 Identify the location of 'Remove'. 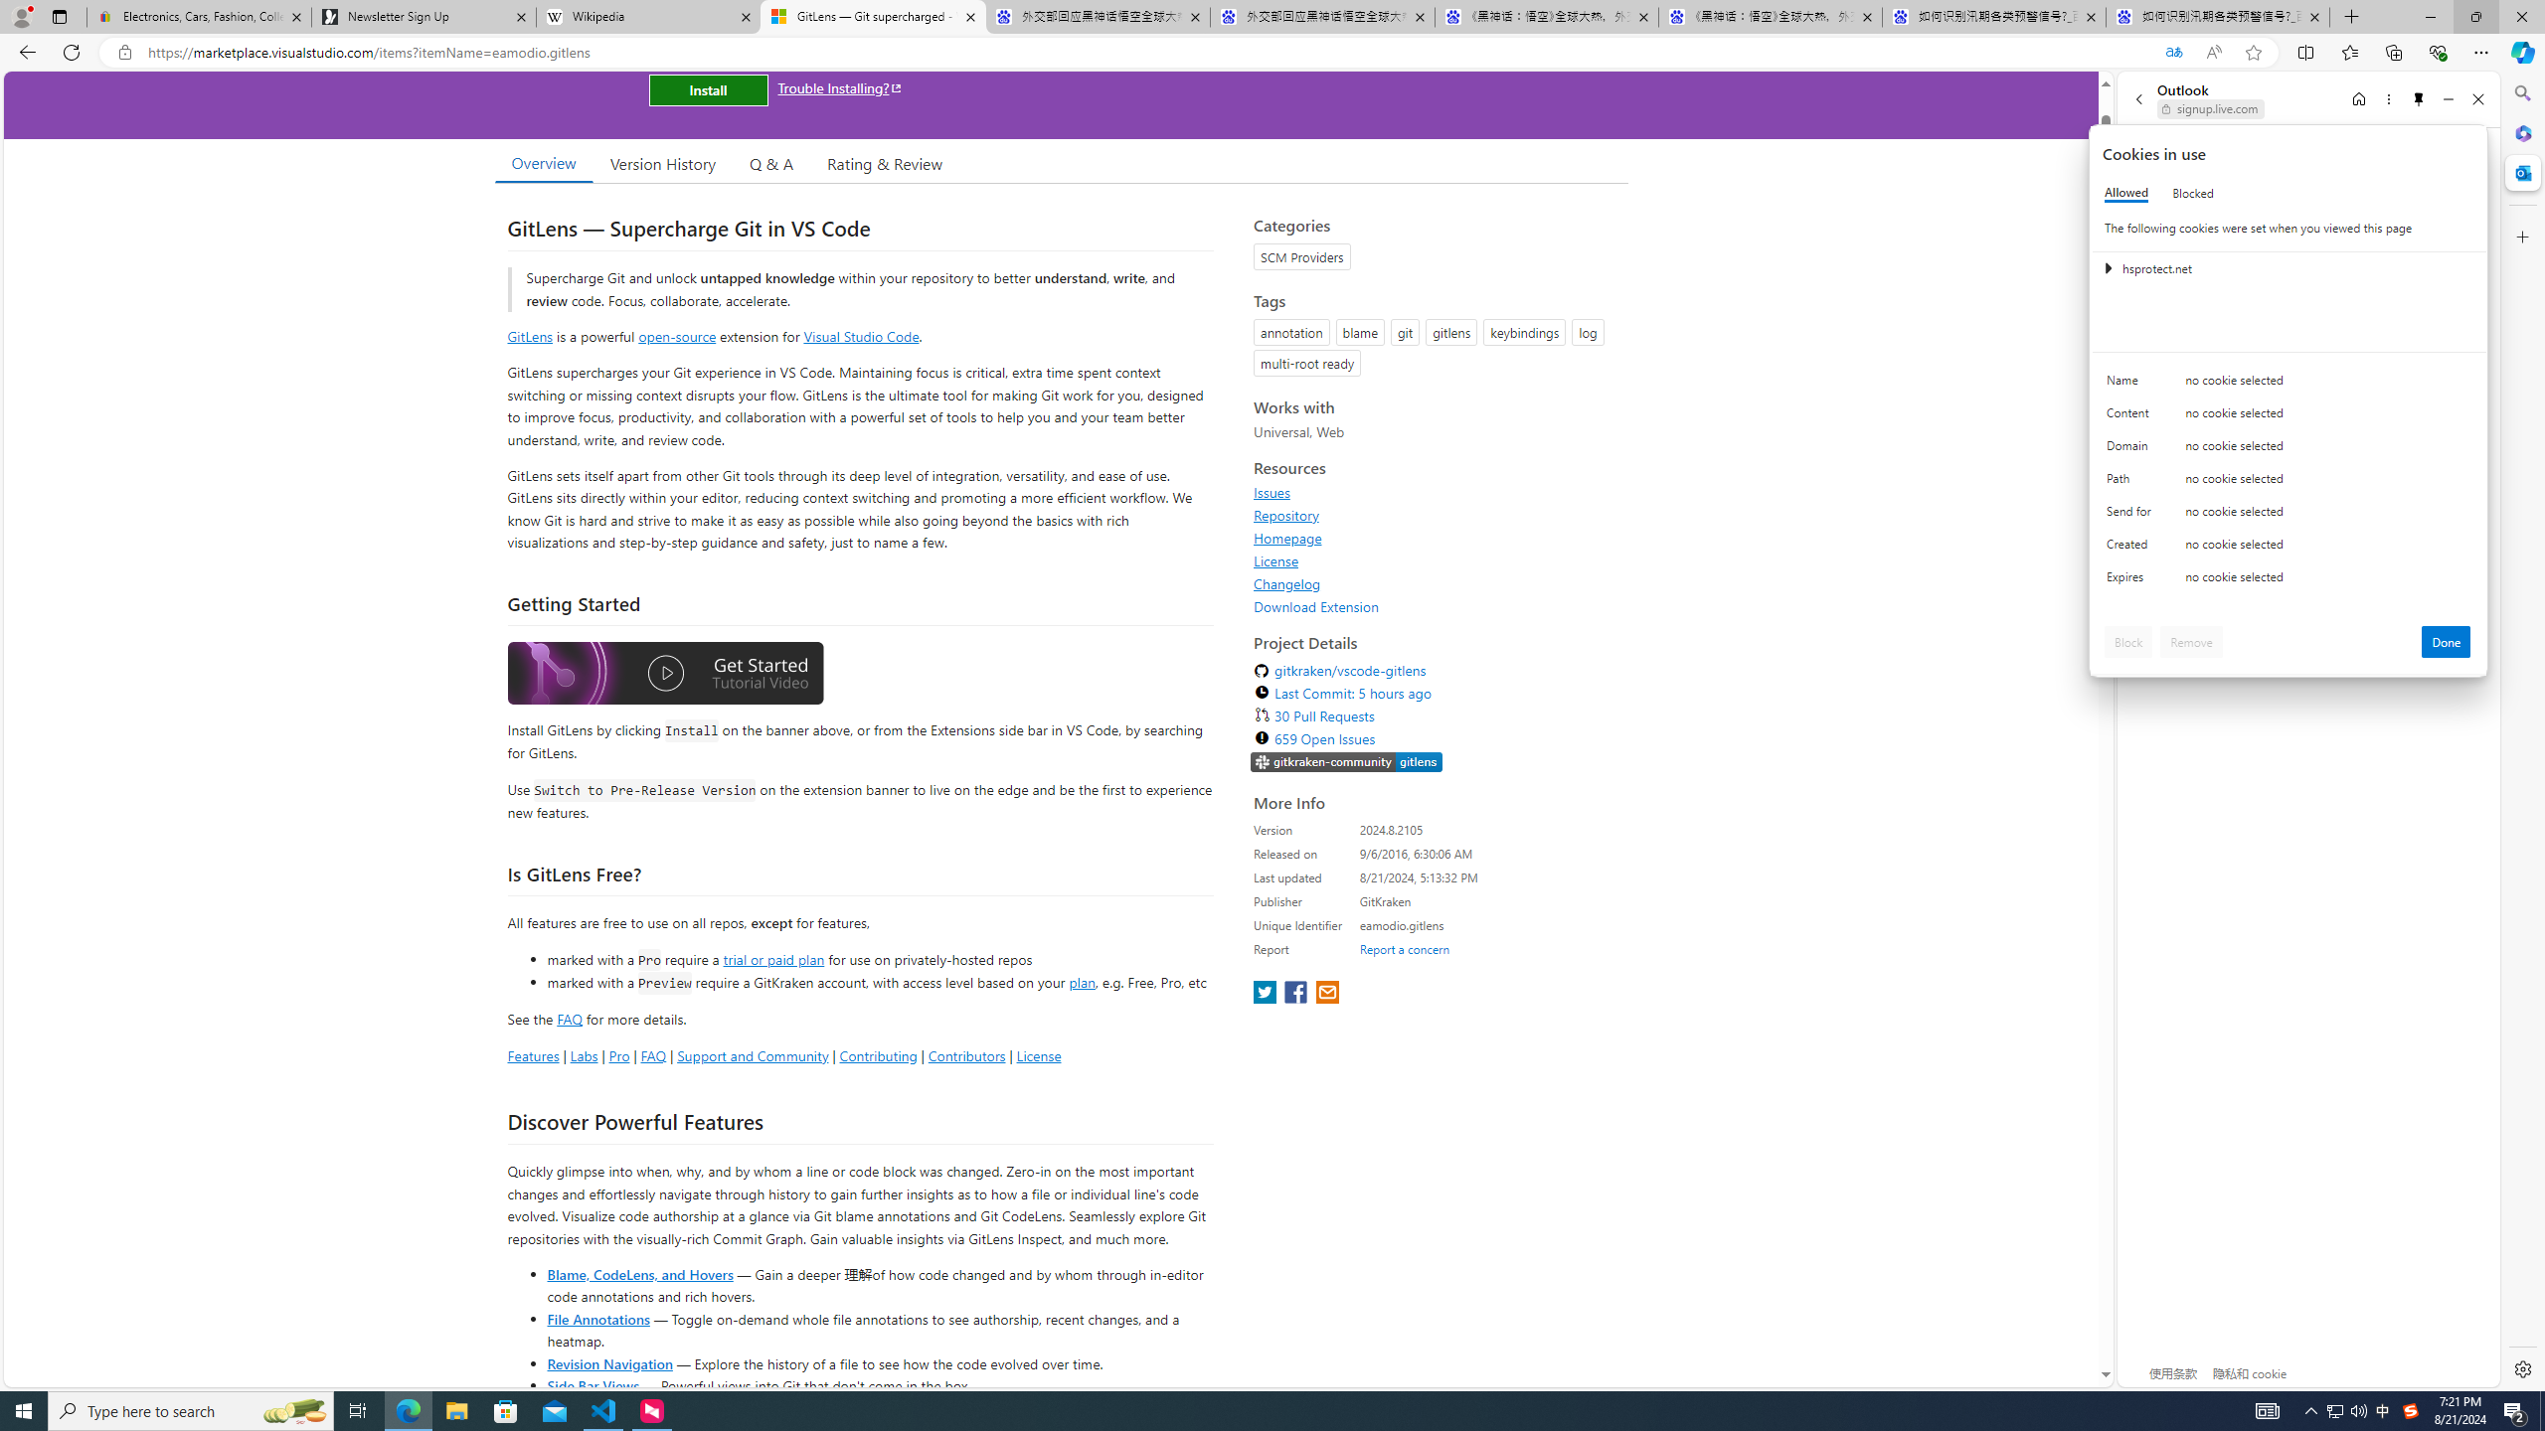
(2191, 642).